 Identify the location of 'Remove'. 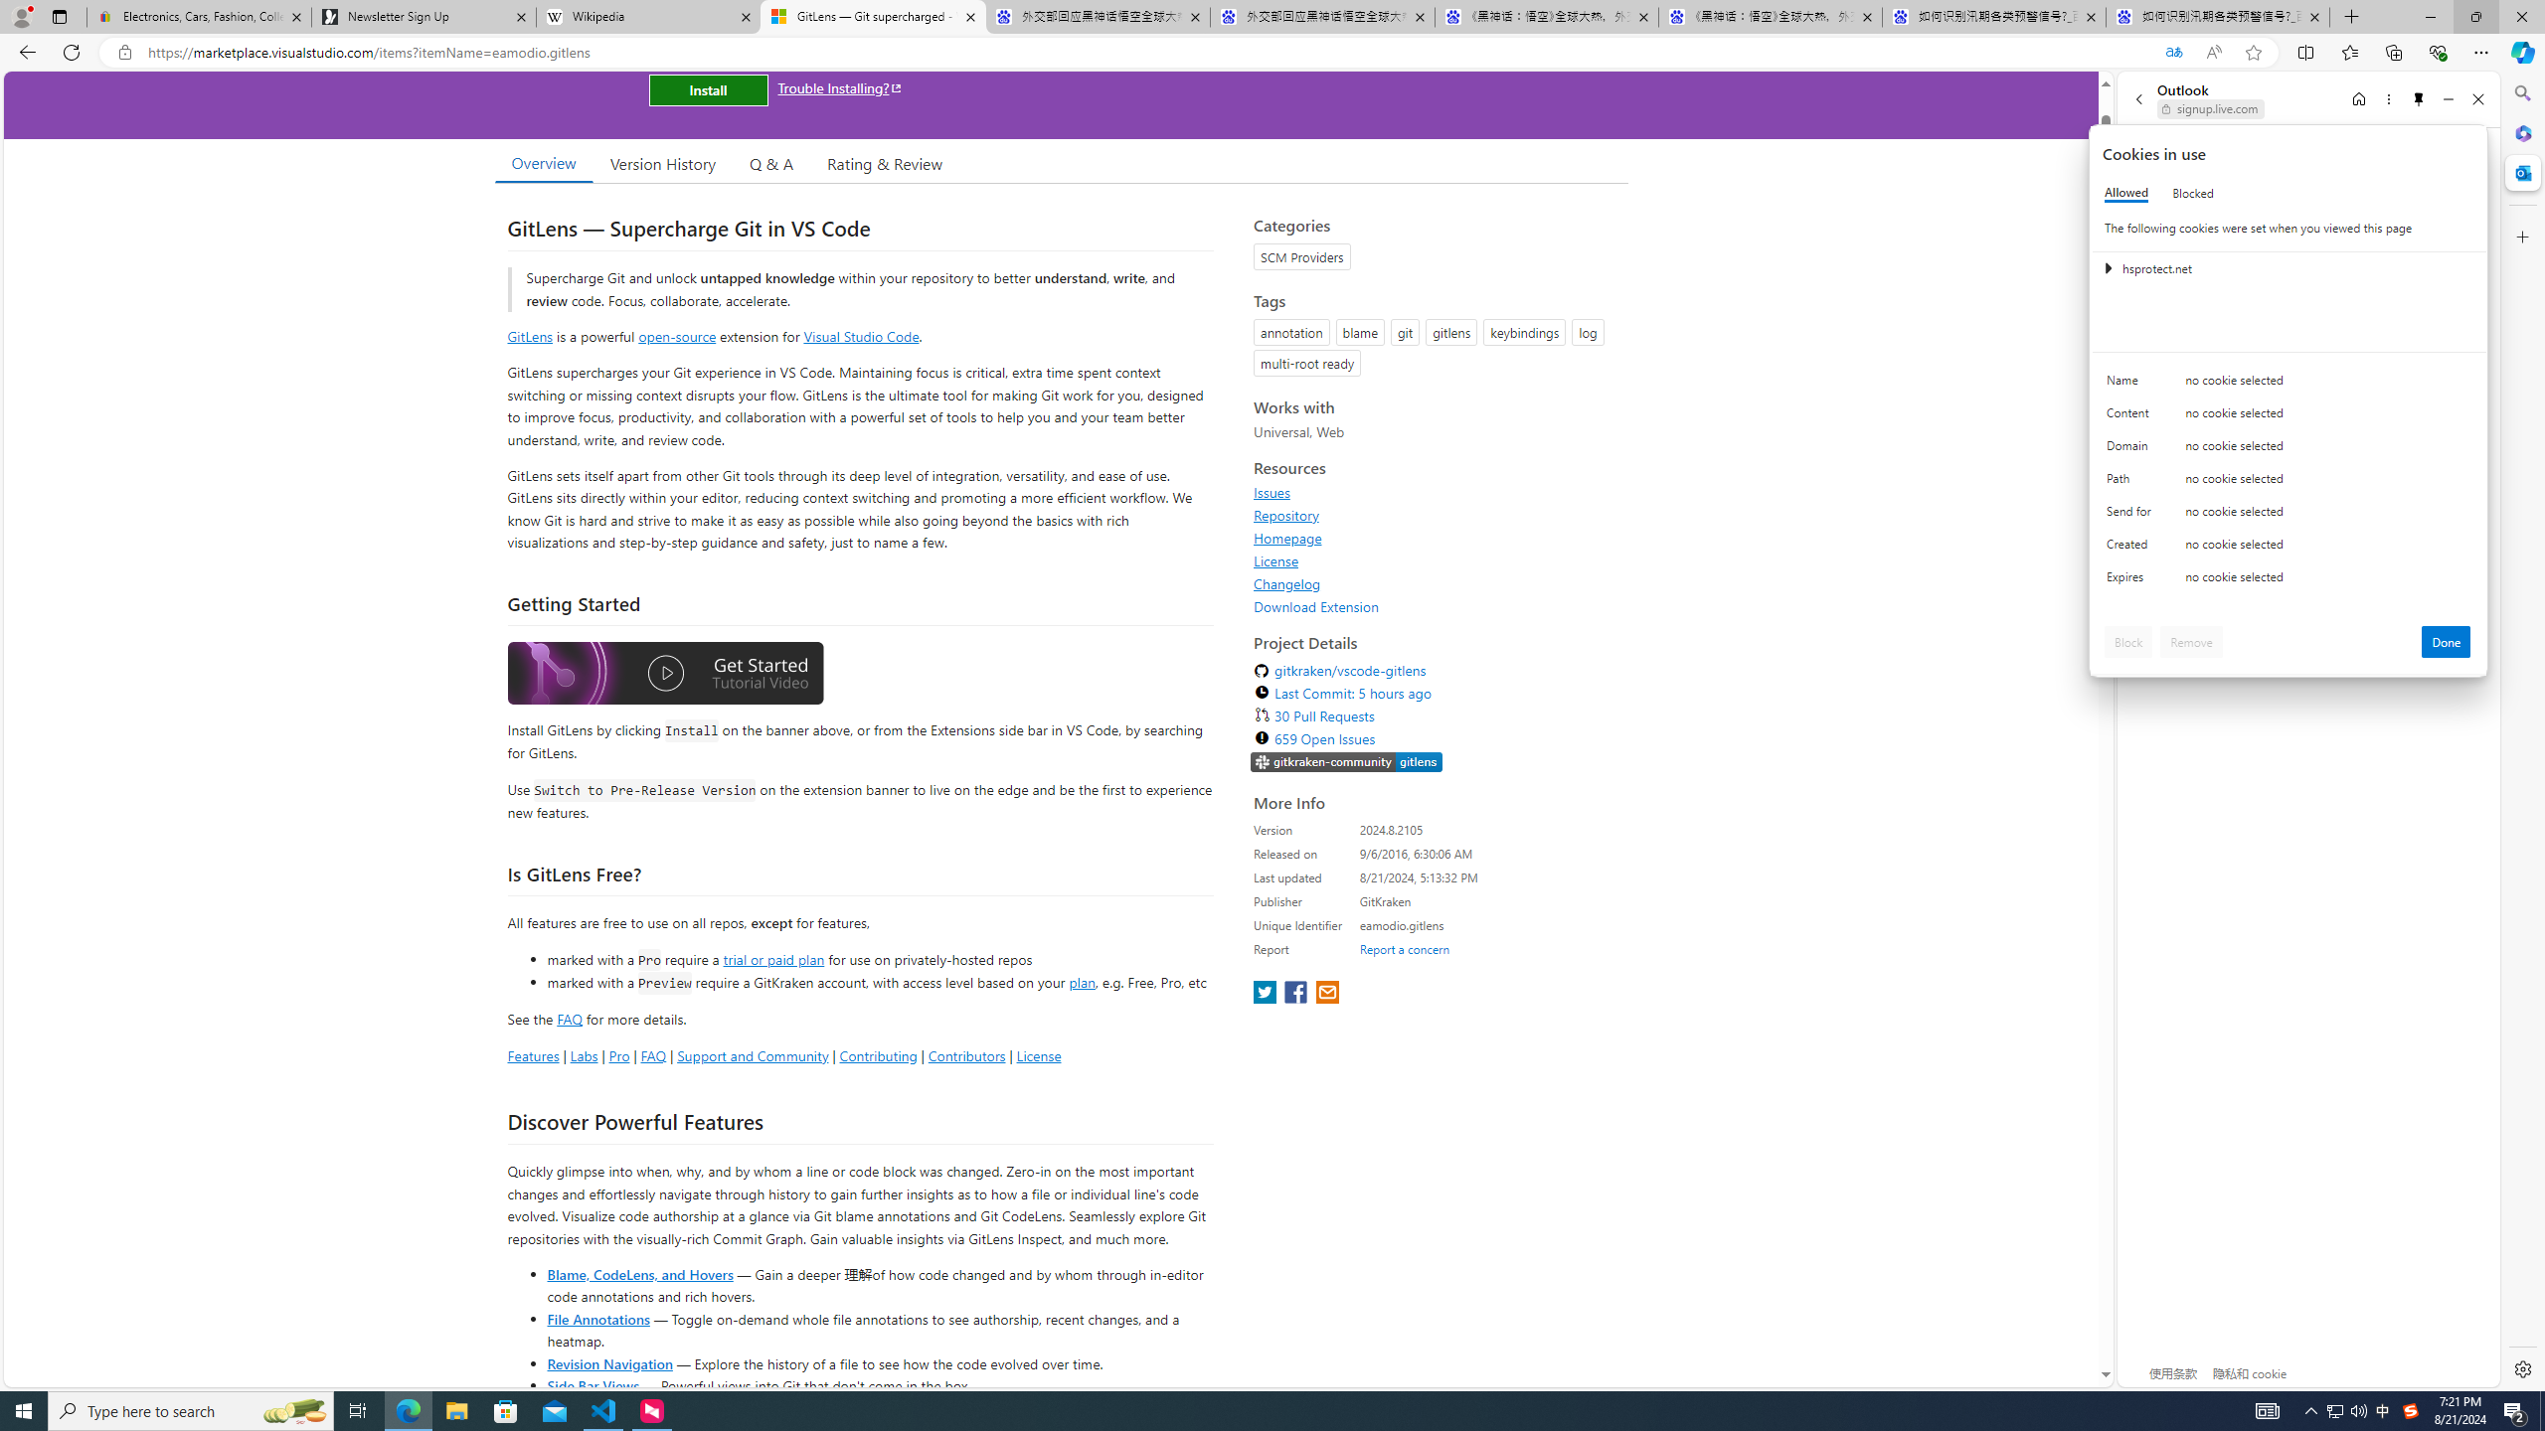
(2191, 642).